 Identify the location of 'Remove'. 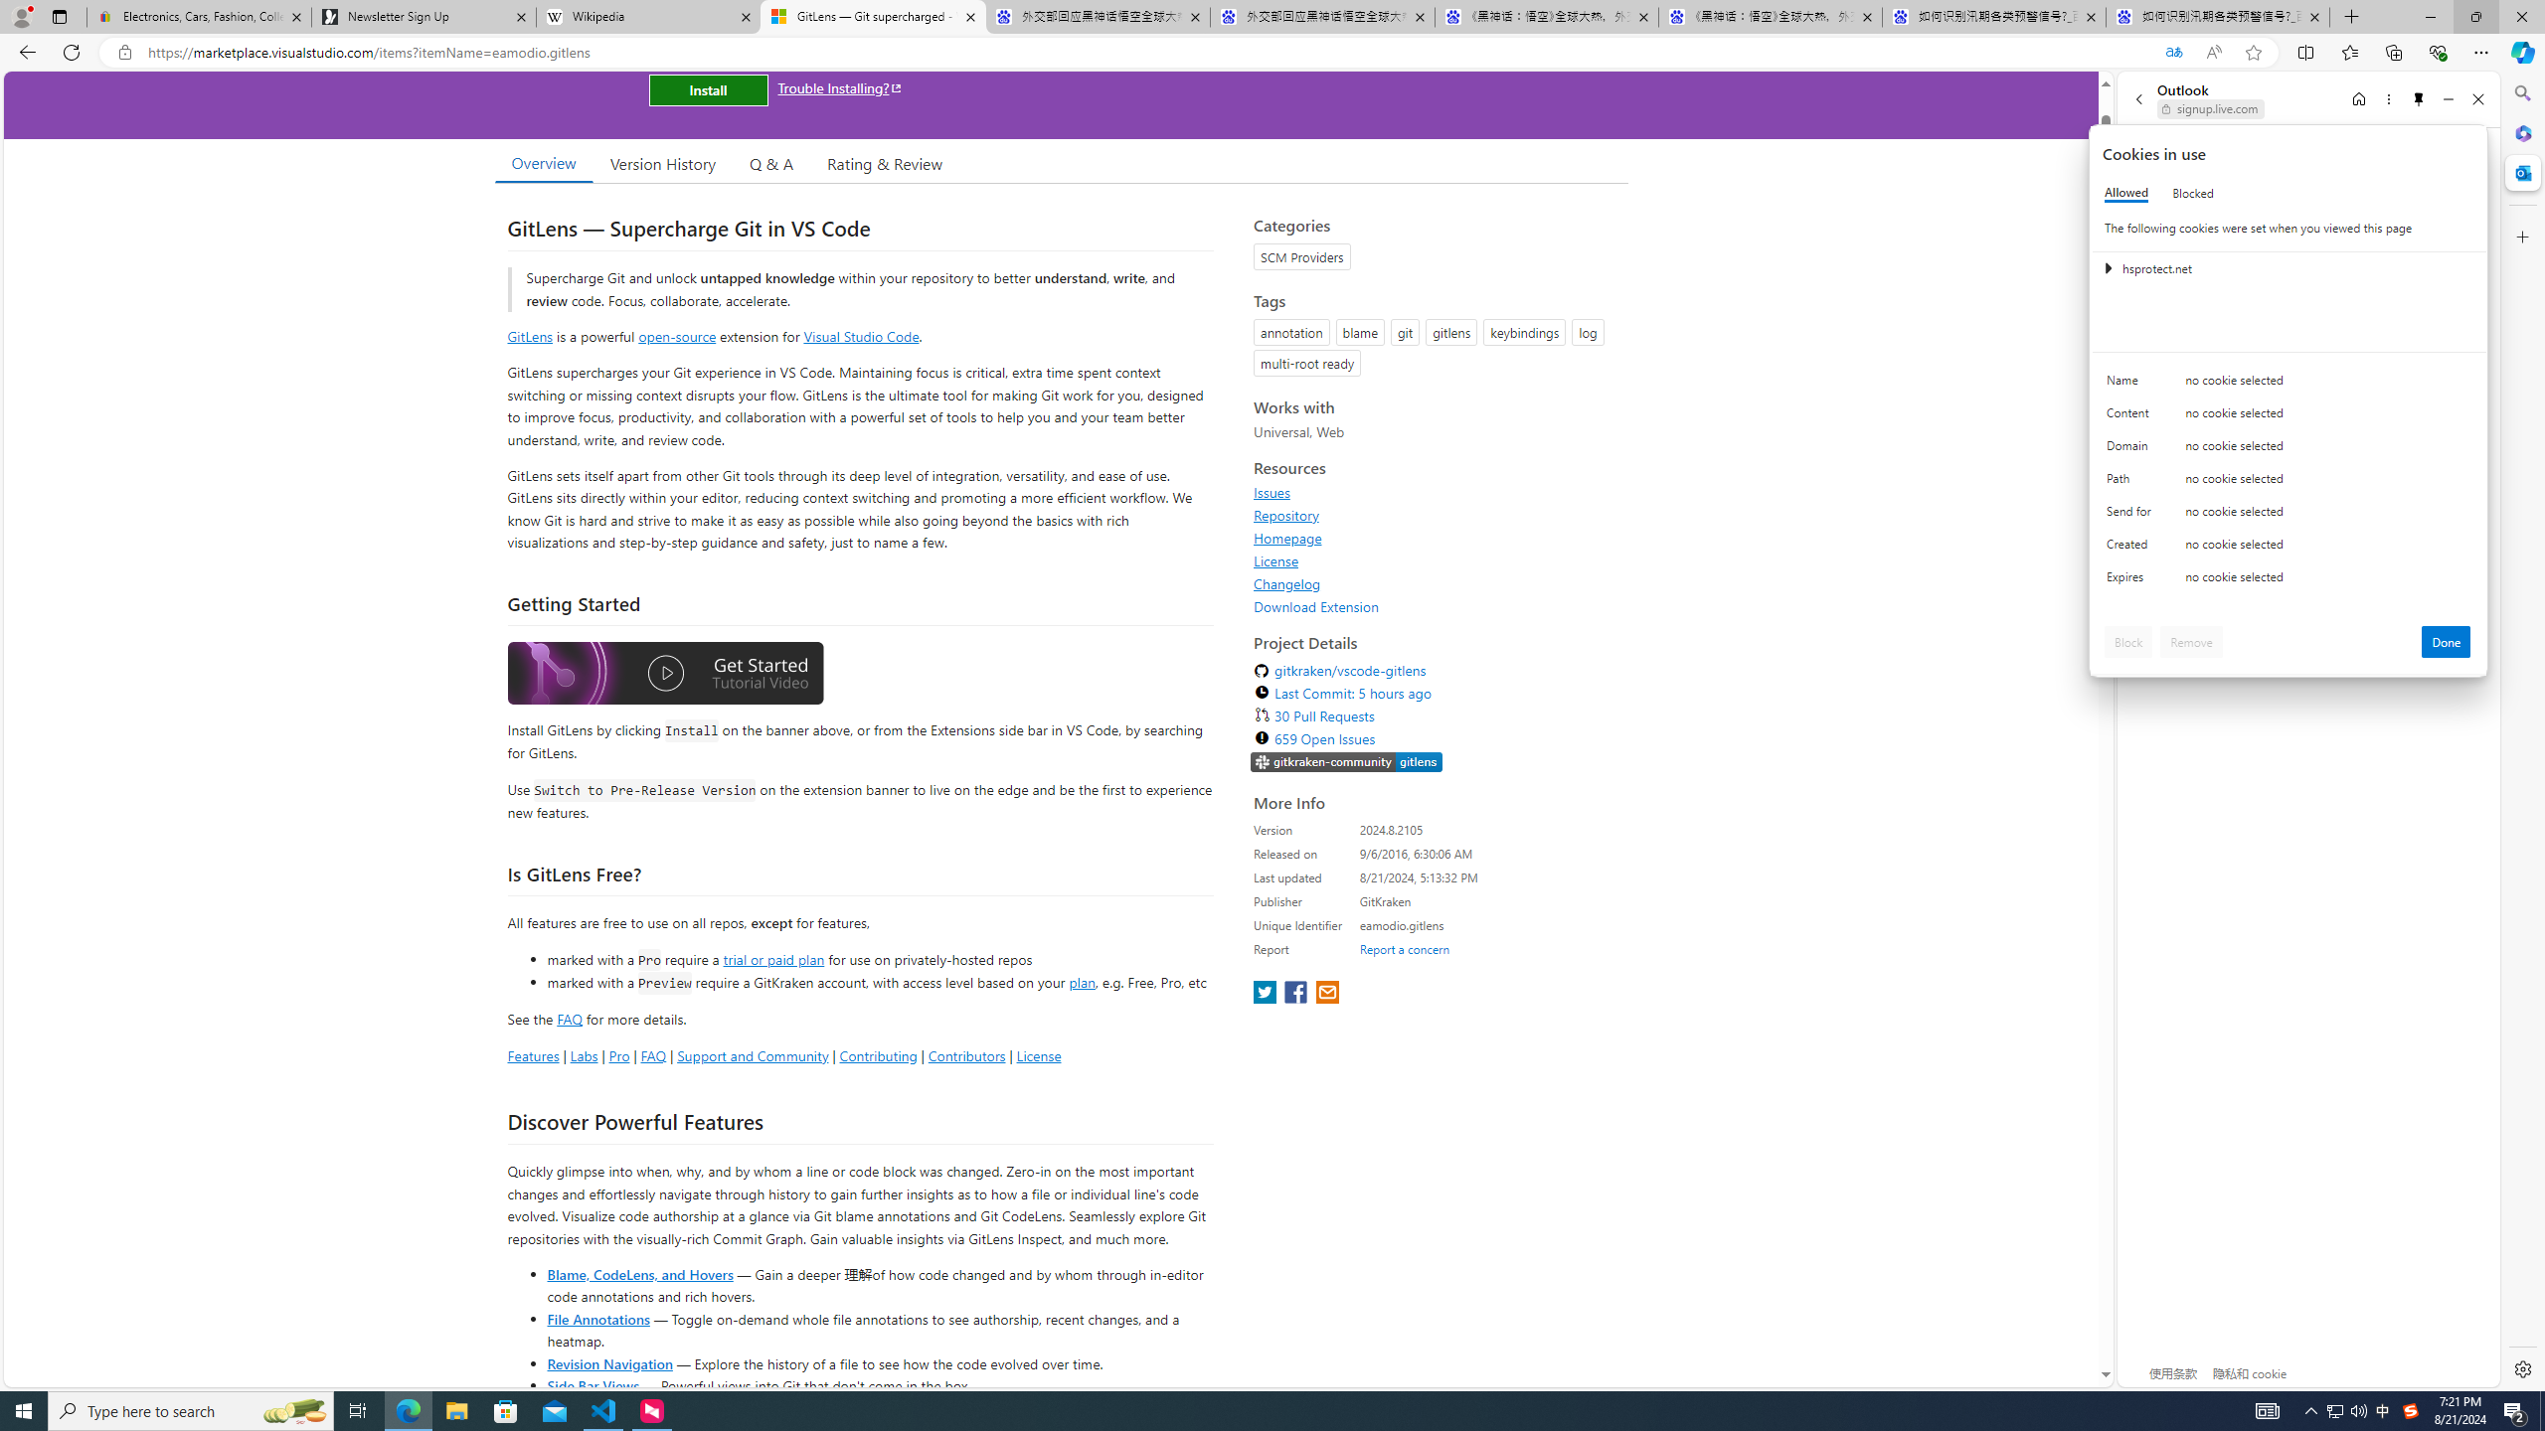
(2191, 642).